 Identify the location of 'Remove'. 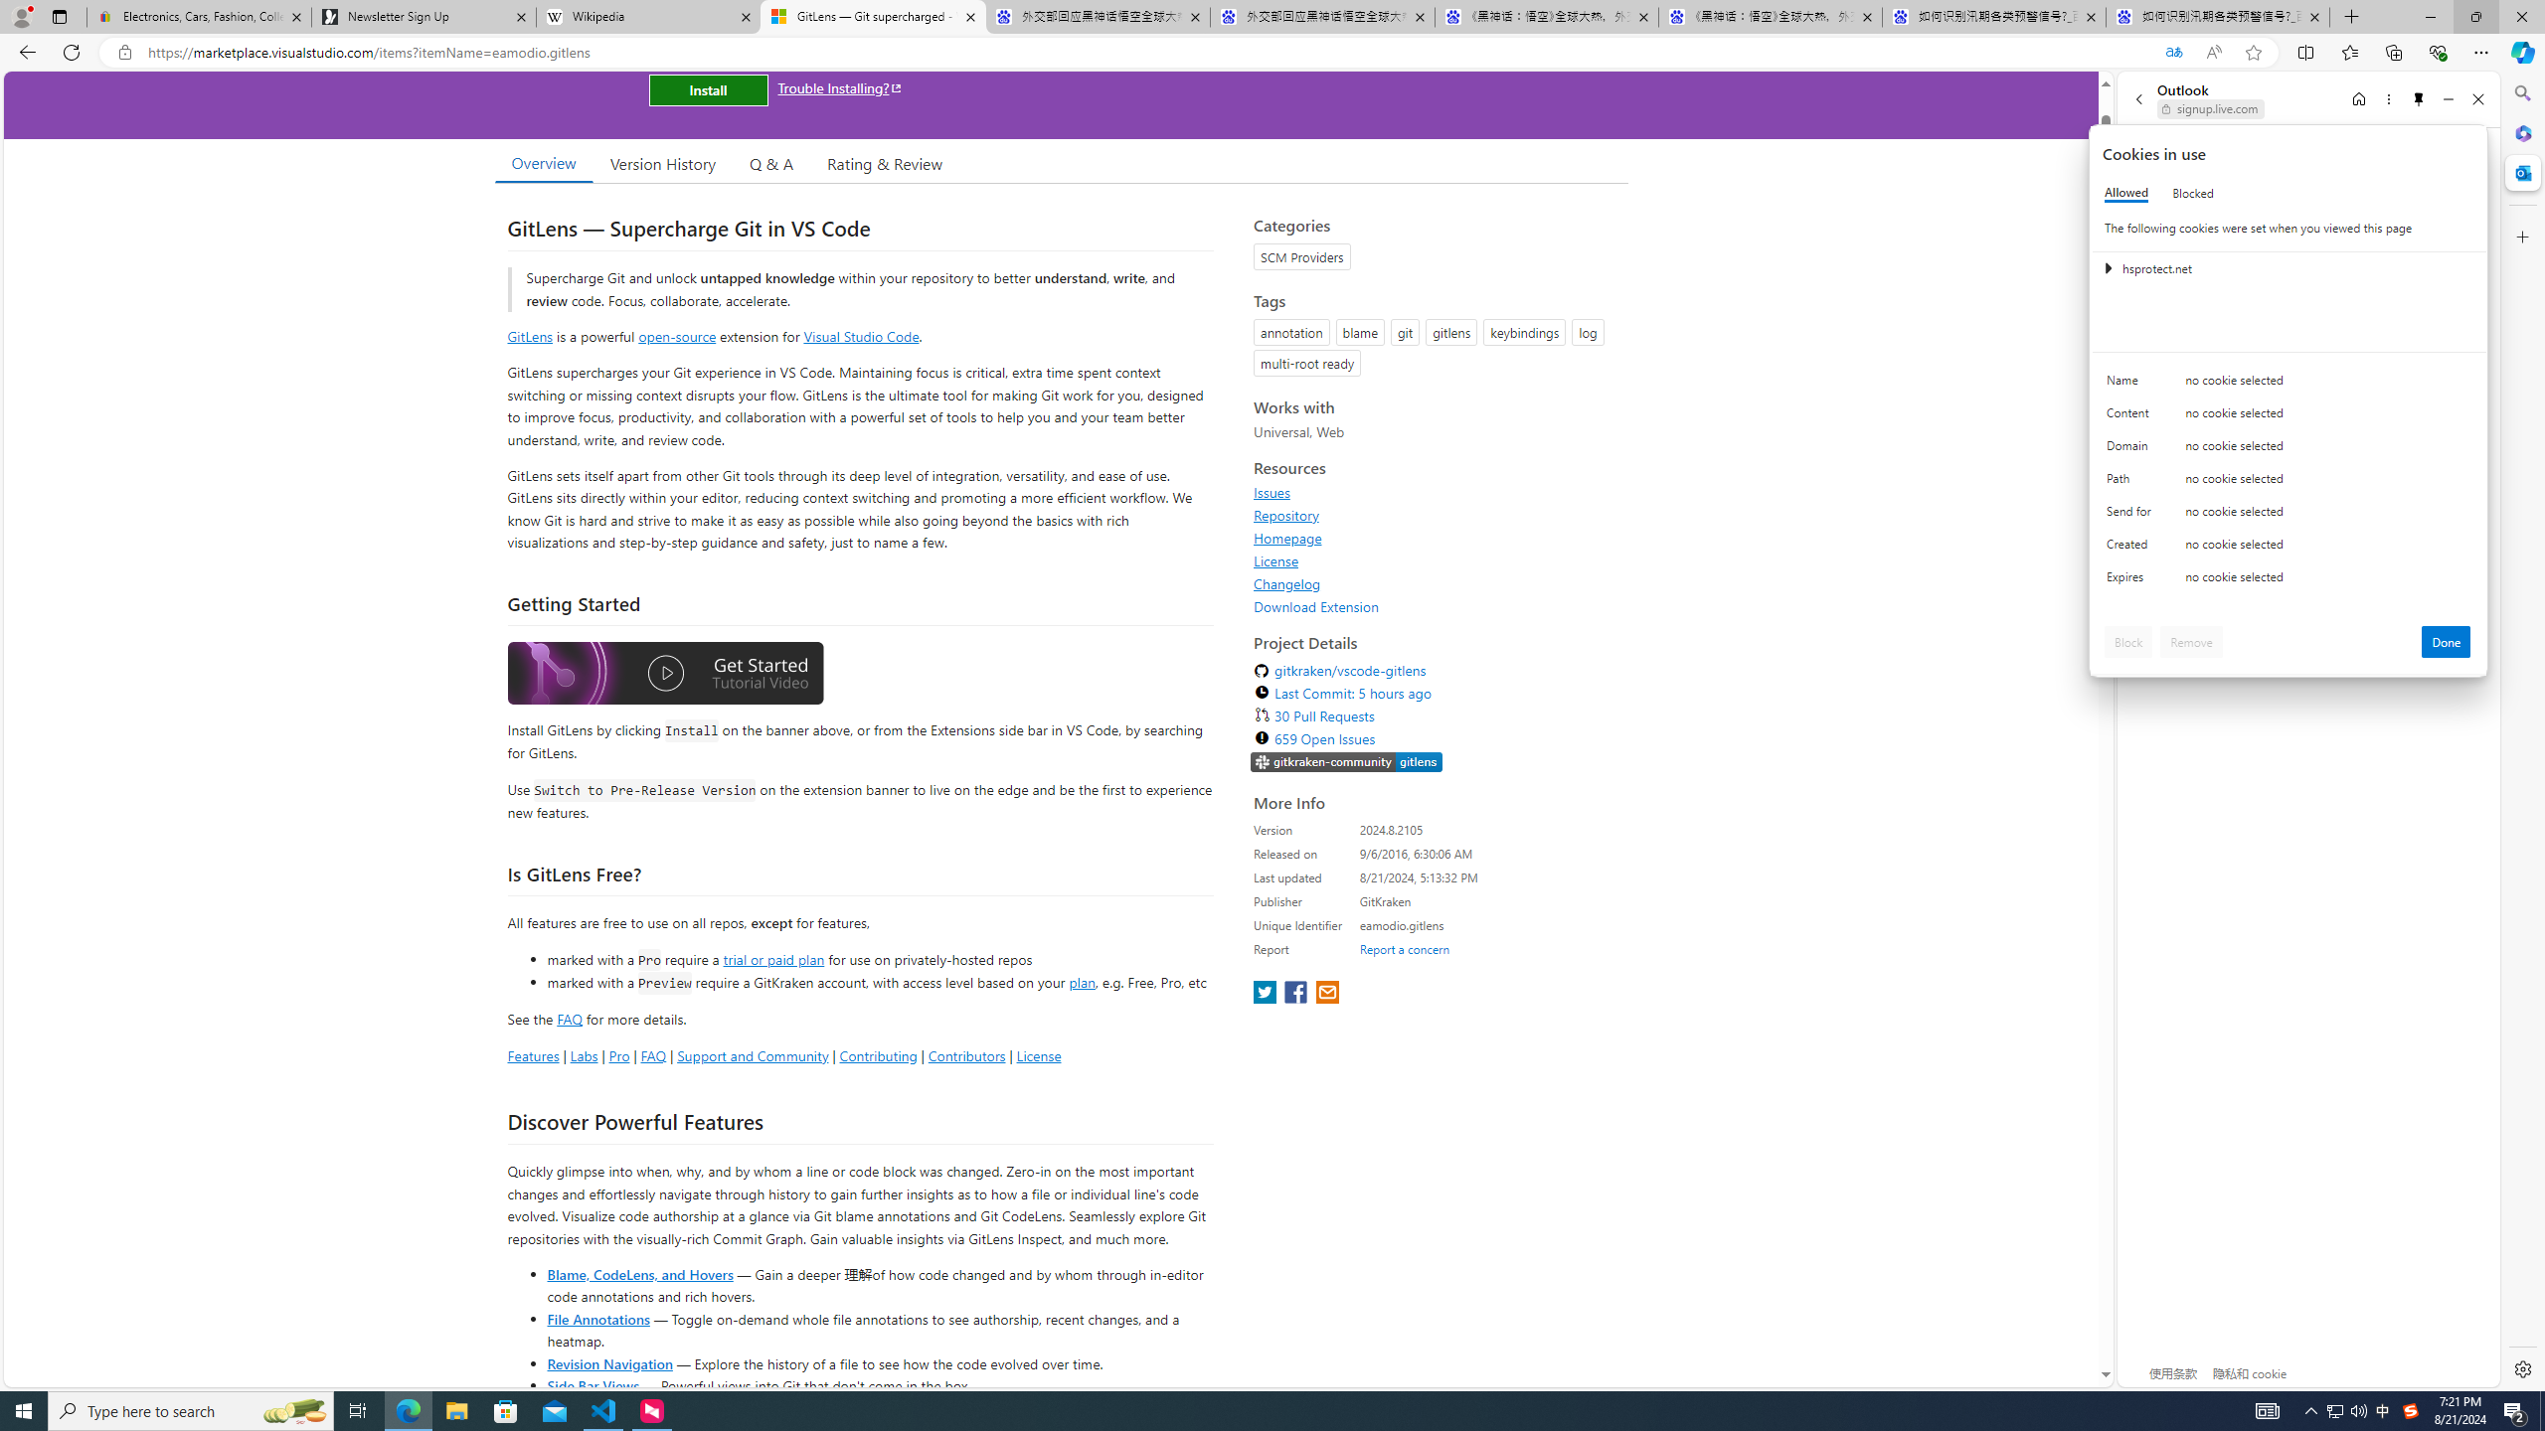
(2191, 642).